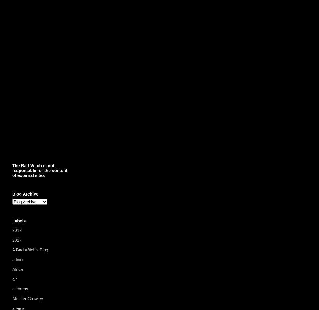  I want to click on '(24)', so click(33, 289).